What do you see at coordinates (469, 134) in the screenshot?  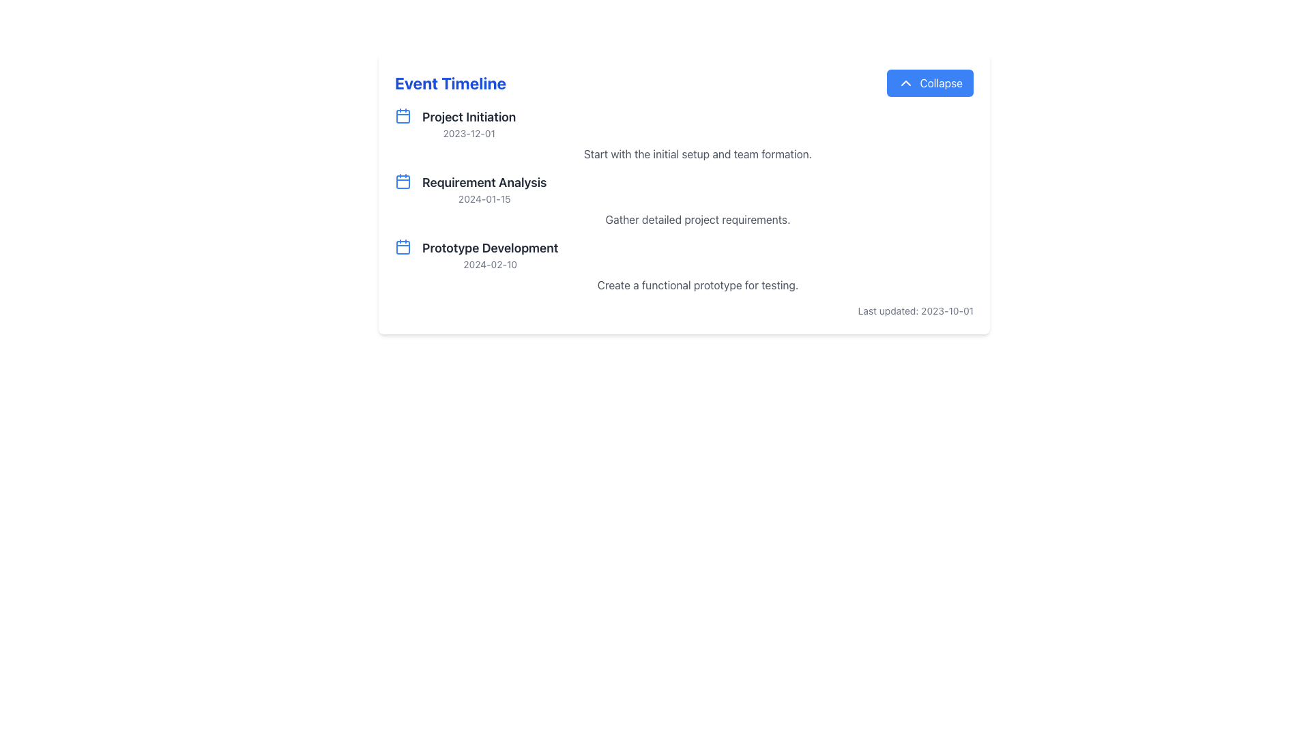 I see `date '2023-12-01' from the text label positioned below 'Project Initiation' in the event timeline list` at bounding box center [469, 134].